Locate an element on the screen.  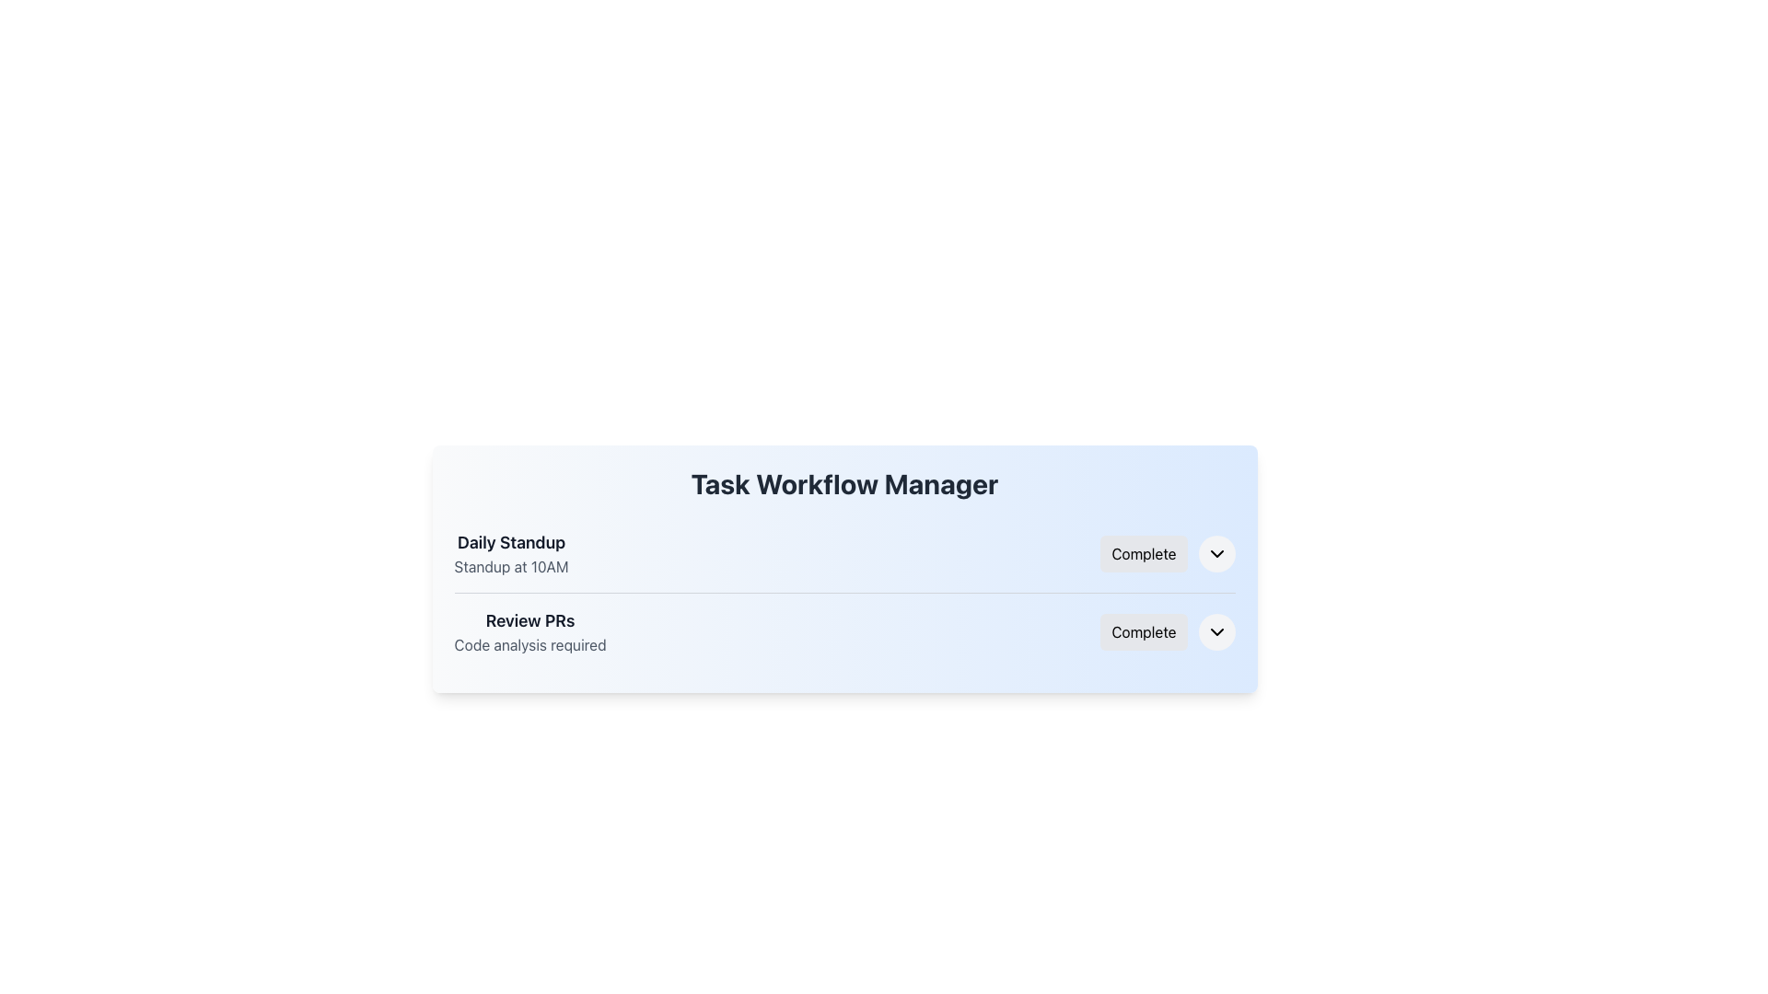
the dropdown toggle button located to the right of the 'Complete' label within the task item section is located at coordinates (1216, 630).